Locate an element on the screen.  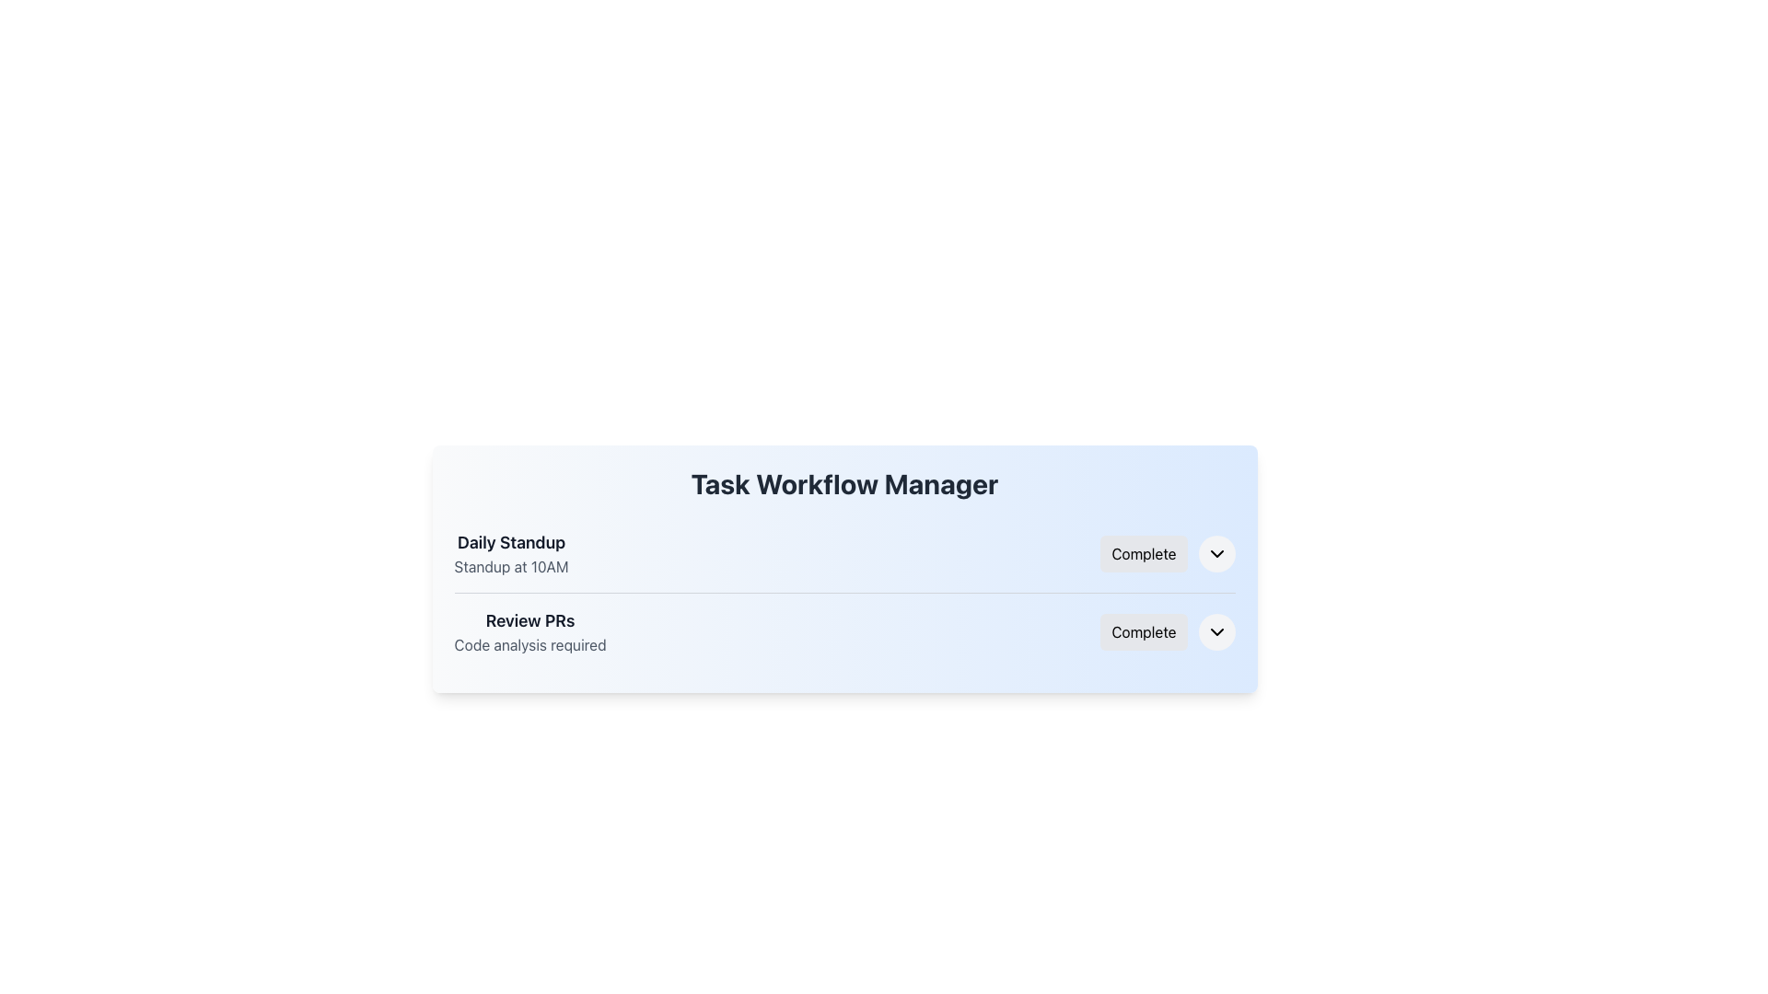
the dropdown toggle button located to the right of the 'Complete' label within the task item section is located at coordinates (1216, 630).